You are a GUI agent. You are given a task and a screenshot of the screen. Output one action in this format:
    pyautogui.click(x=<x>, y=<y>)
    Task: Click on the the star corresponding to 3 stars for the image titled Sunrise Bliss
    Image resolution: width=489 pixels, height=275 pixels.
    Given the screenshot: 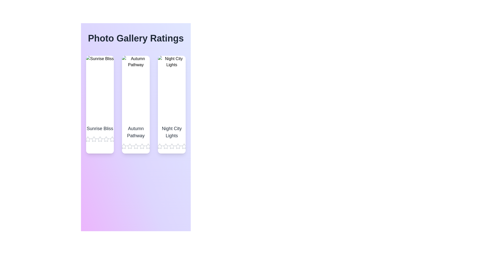 What is the action you would take?
    pyautogui.click(x=100, y=139)
    